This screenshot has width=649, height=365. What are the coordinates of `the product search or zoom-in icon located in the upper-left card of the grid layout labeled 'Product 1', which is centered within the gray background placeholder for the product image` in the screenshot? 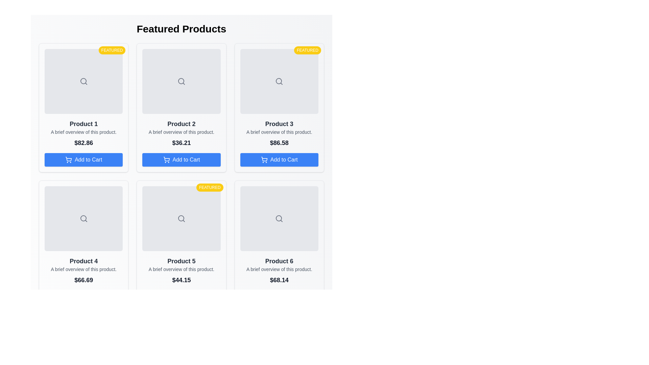 It's located at (83, 81).